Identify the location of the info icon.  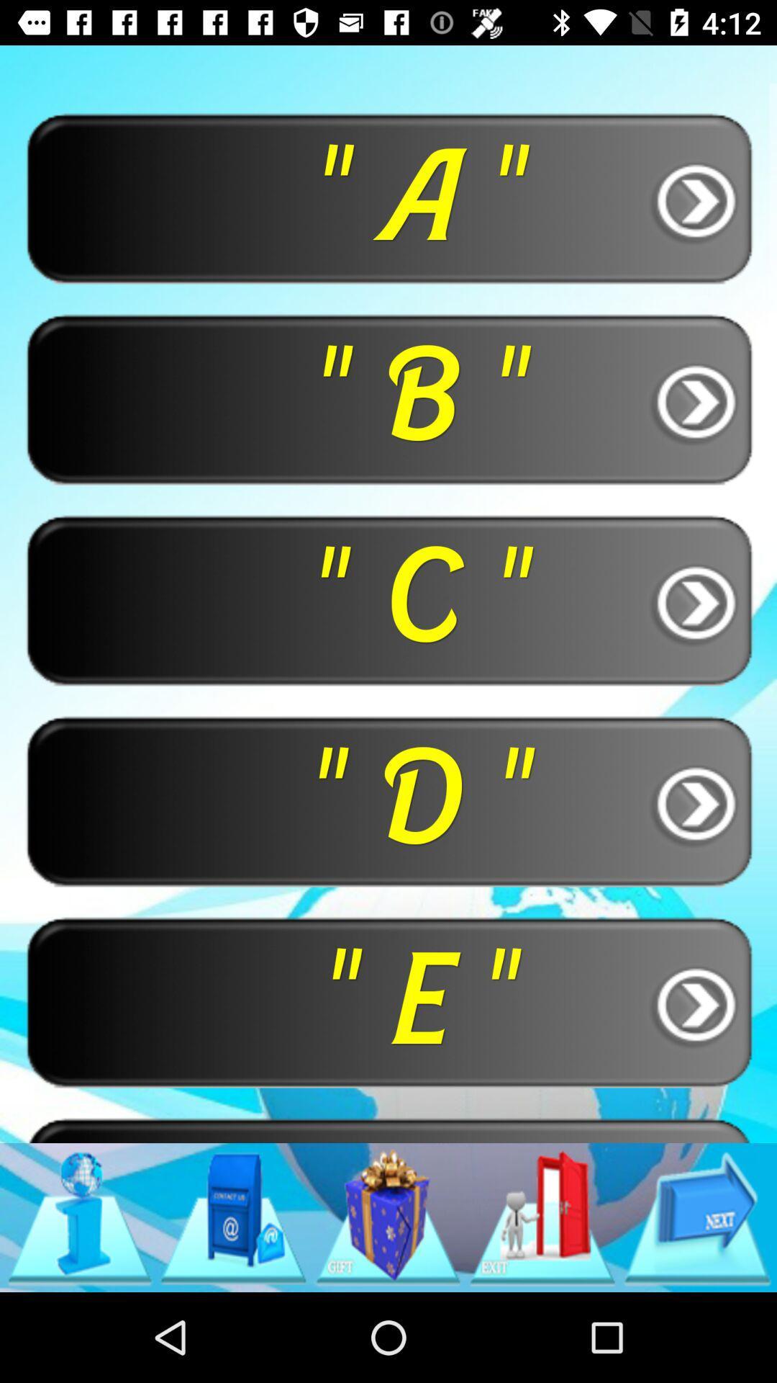
(79, 1217).